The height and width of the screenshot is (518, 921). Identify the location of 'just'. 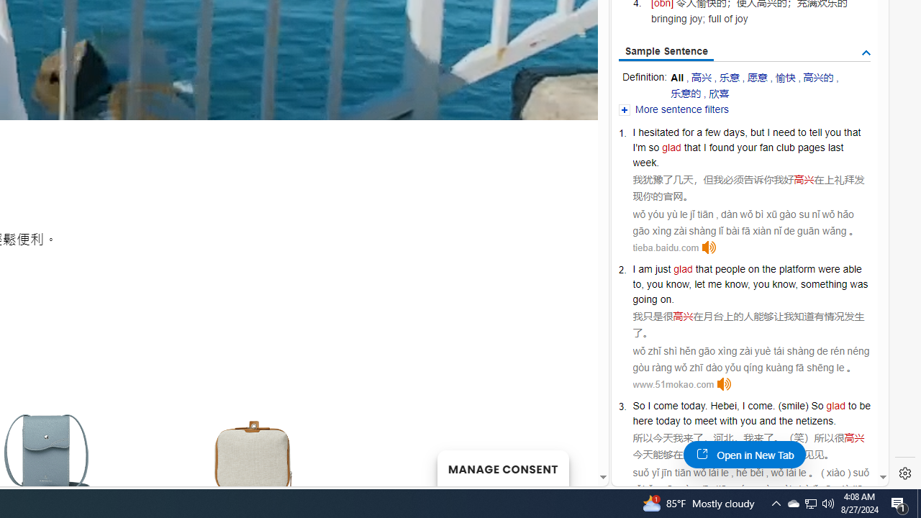
(662, 269).